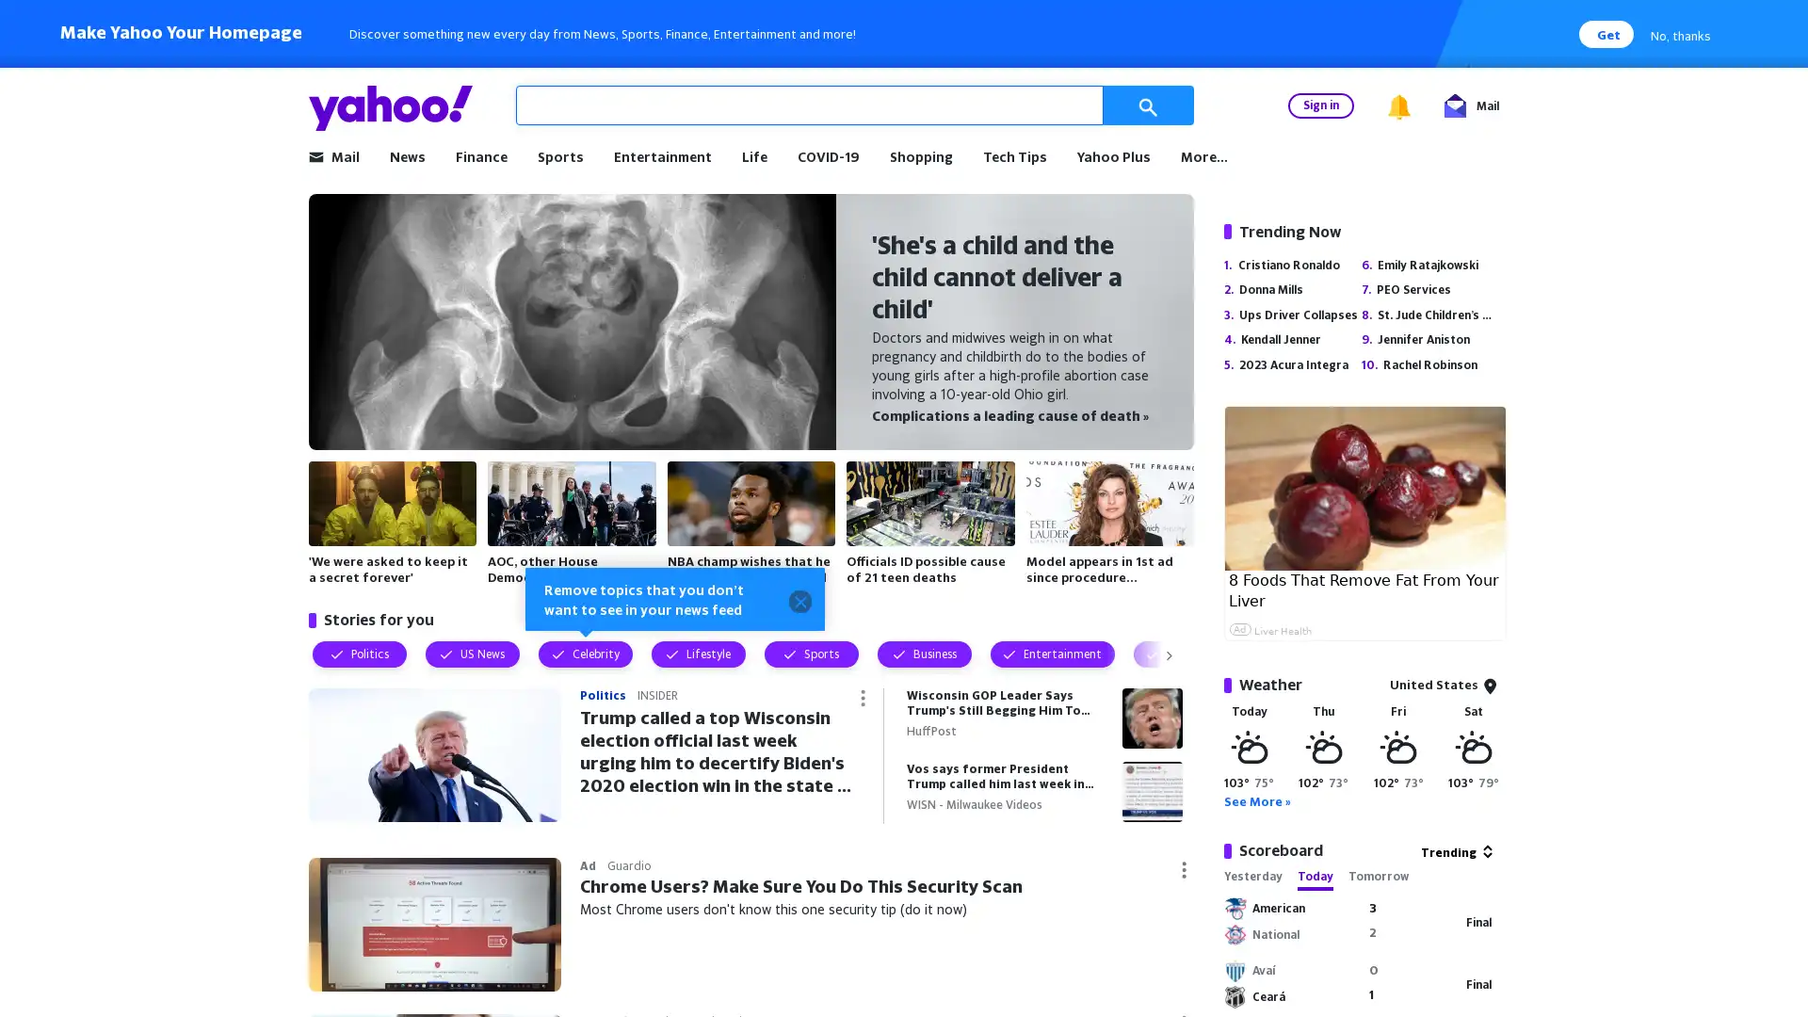 This screenshot has width=1808, height=1017. What do you see at coordinates (1147, 105) in the screenshot?
I see `Search` at bounding box center [1147, 105].